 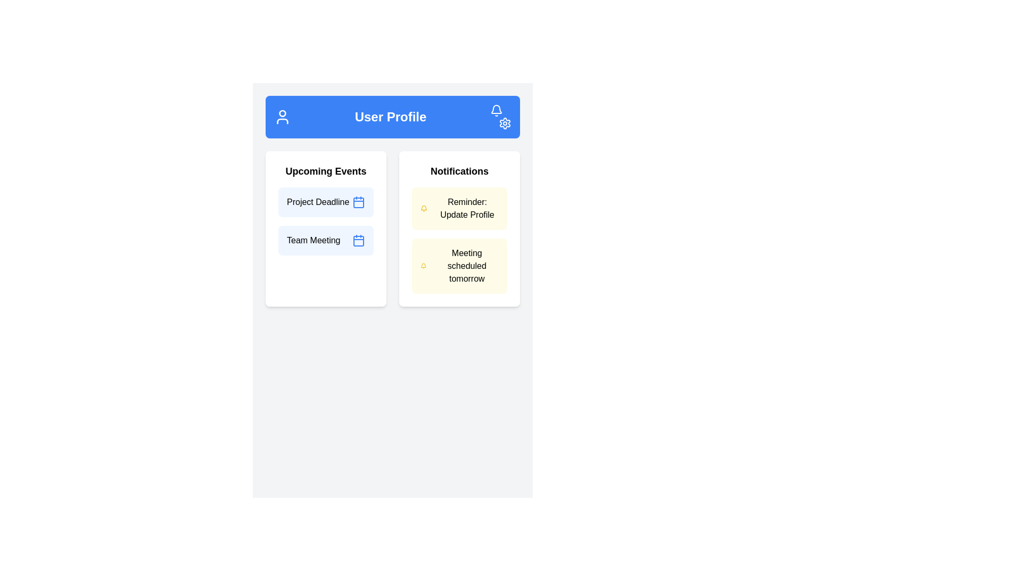 What do you see at coordinates (467, 209) in the screenshot?
I see `the notification text element that prompts the user to update their profile, located in the Notifications section of the User Profile interface` at bounding box center [467, 209].